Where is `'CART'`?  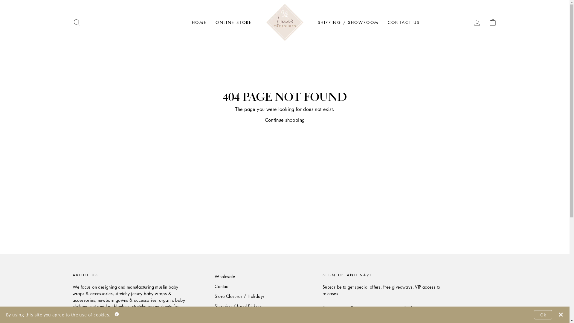
'CART' is located at coordinates (492, 22).